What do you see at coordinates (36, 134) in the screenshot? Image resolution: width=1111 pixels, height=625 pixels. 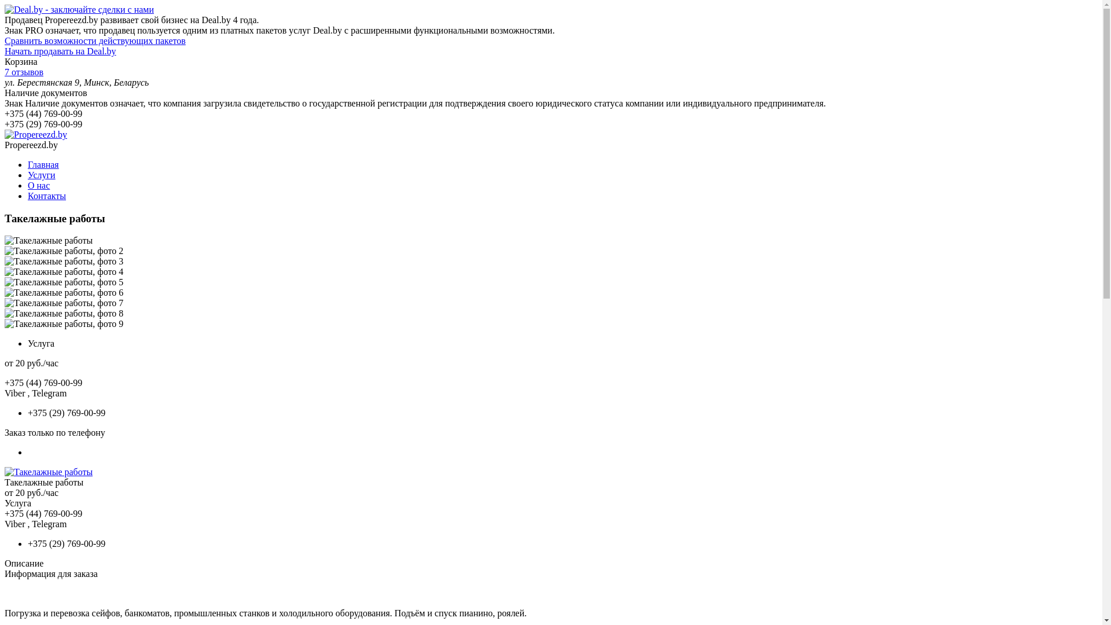 I see `'Propereezd.by'` at bounding box center [36, 134].